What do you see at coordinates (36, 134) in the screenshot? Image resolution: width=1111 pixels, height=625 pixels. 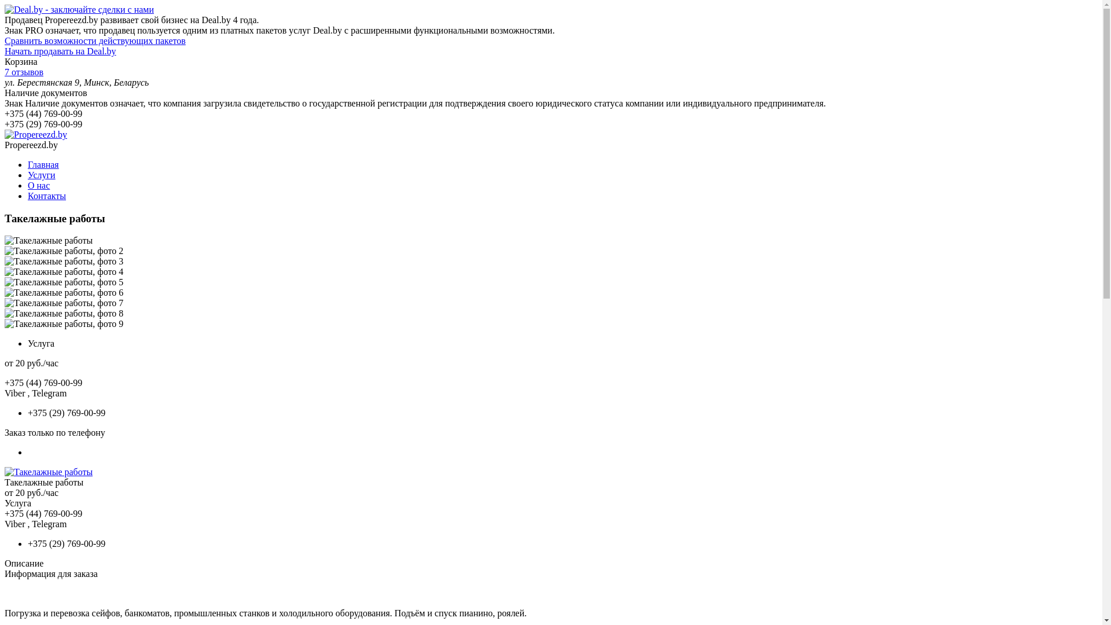 I see `'Propereezd.by'` at bounding box center [36, 134].